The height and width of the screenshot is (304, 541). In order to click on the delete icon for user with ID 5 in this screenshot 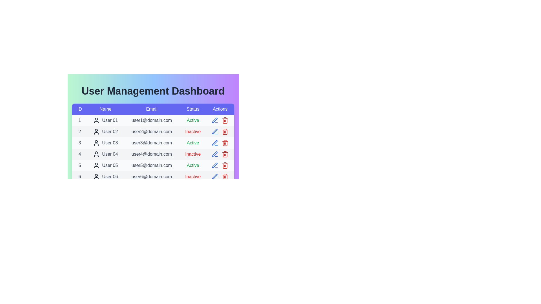, I will do `click(225, 165)`.